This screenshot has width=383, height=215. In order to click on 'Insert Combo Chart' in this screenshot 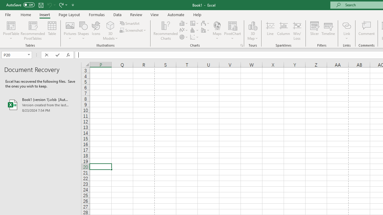, I will do `click(206, 30)`.